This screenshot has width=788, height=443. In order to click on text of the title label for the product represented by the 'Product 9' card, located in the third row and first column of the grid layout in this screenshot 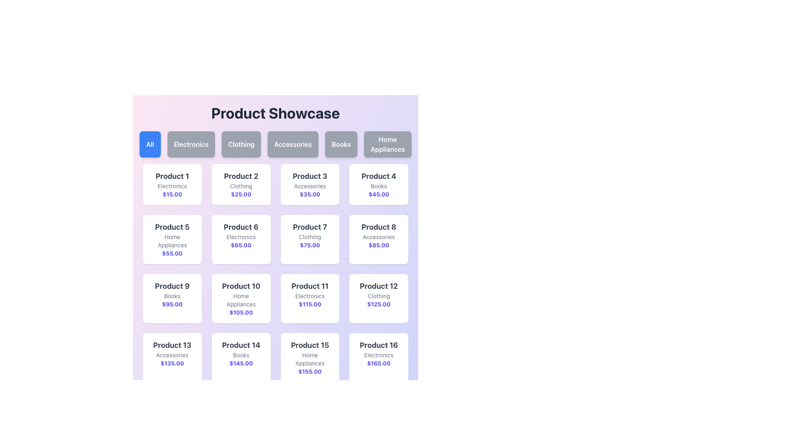, I will do `click(172, 286)`.